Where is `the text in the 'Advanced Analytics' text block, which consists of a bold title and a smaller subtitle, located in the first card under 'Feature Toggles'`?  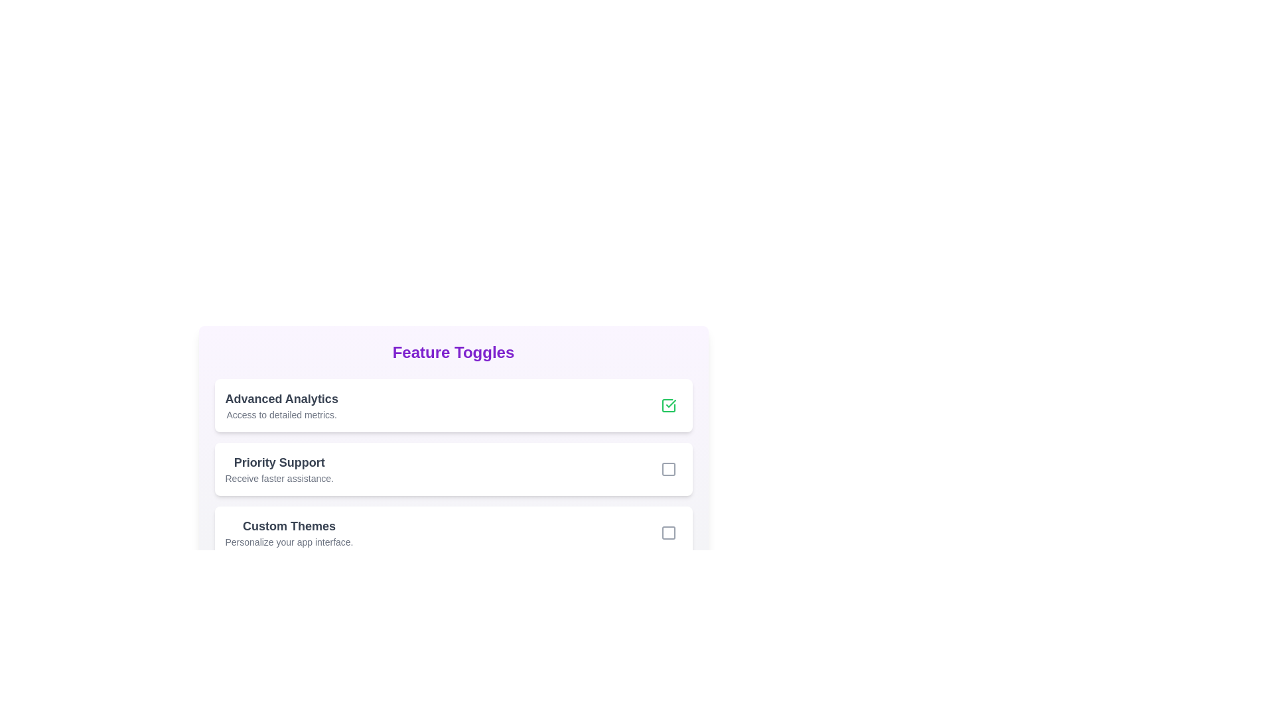 the text in the 'Advanced Analytics' text block, which consists of a bold title and a smaller subtitle, located in the first card under 'Feature Toggles' is located at coordinates (281, 405).